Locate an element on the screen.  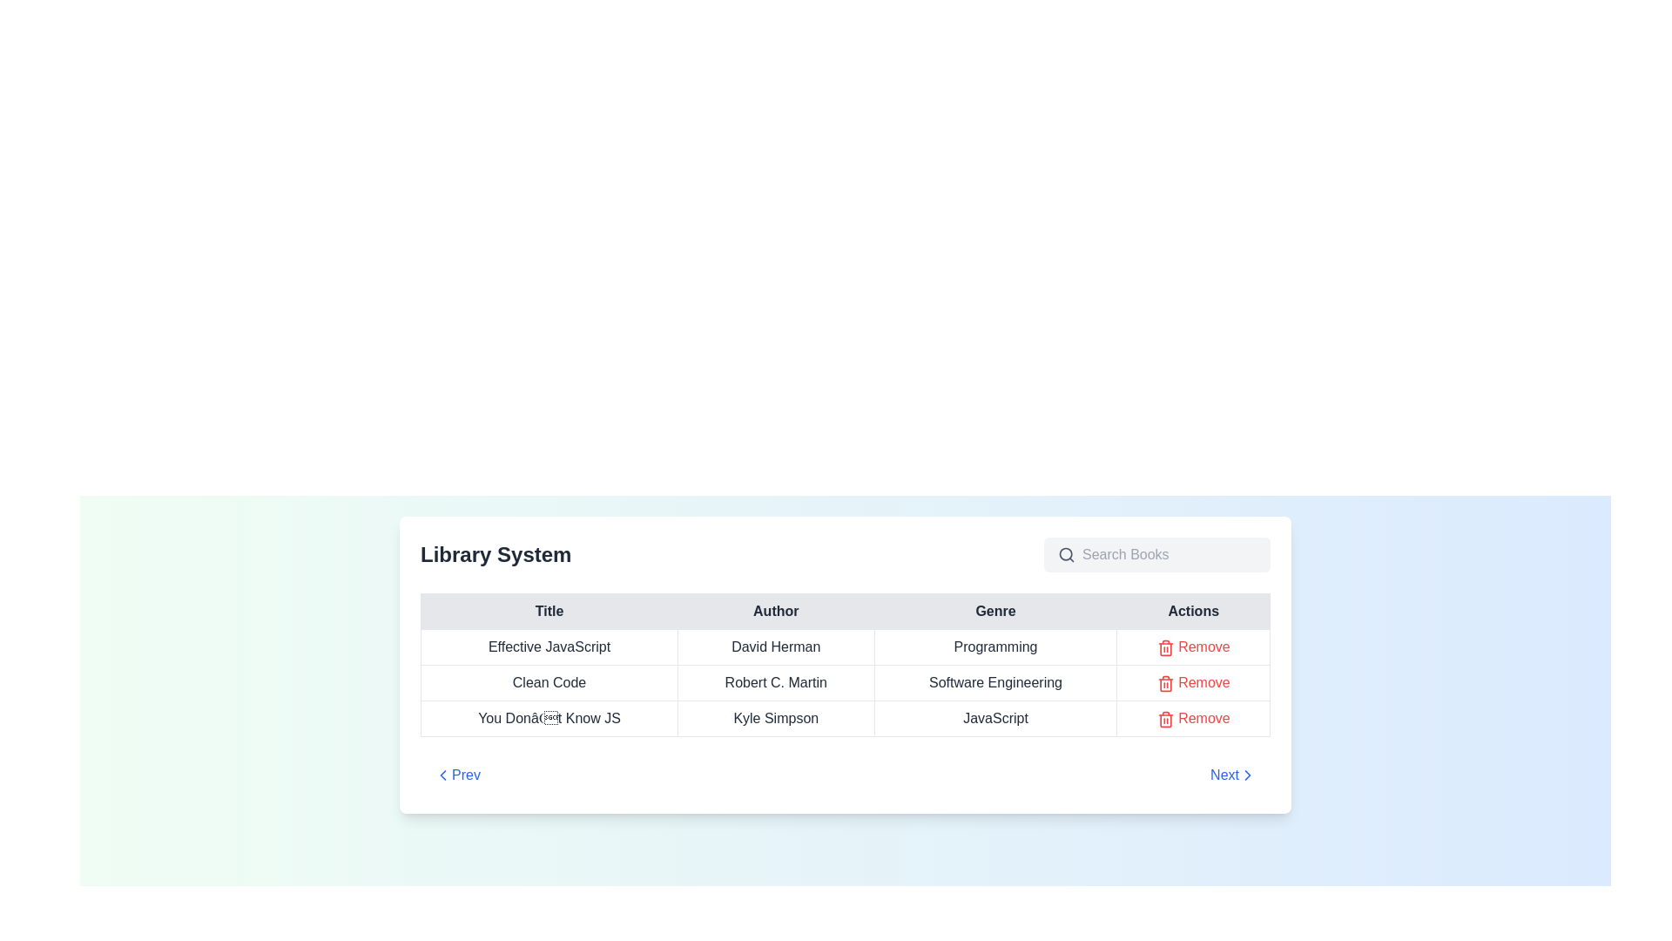
the trash bin icon located in the rightmost 'Actions' column of the table, adjacent to the row containing the book title 'You Don’t Know JS', which is the third instance of this icon/button is located at coordinates (1165, 721).